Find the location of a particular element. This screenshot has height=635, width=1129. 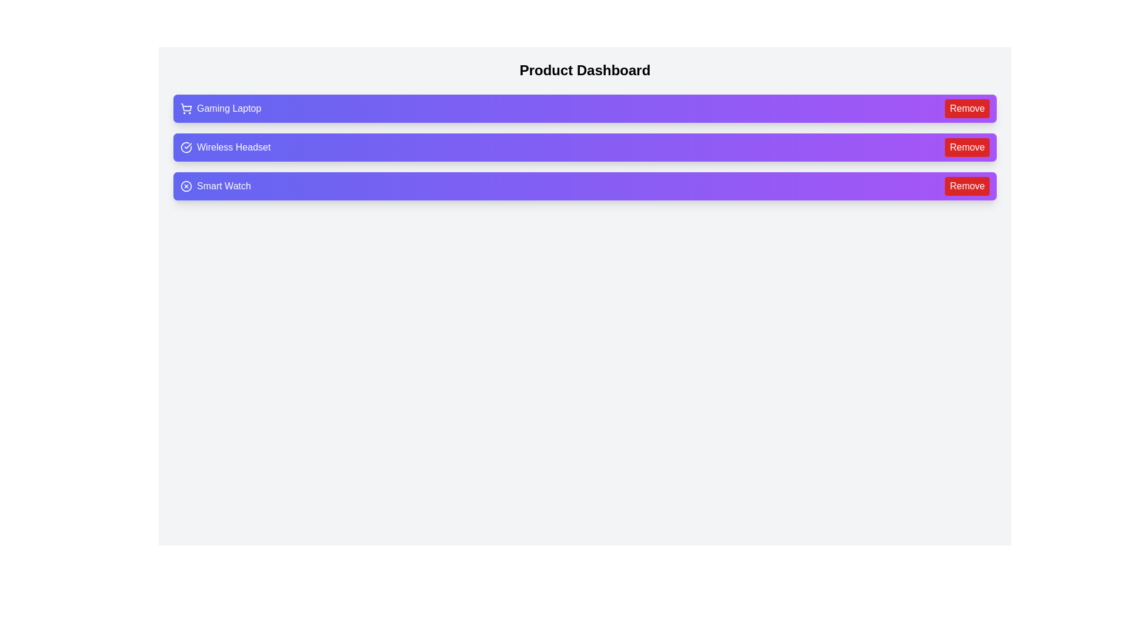

the product chip labeled 'Gaming Laptop' to observe the hover animation effect is located at coordinates (584, 109).